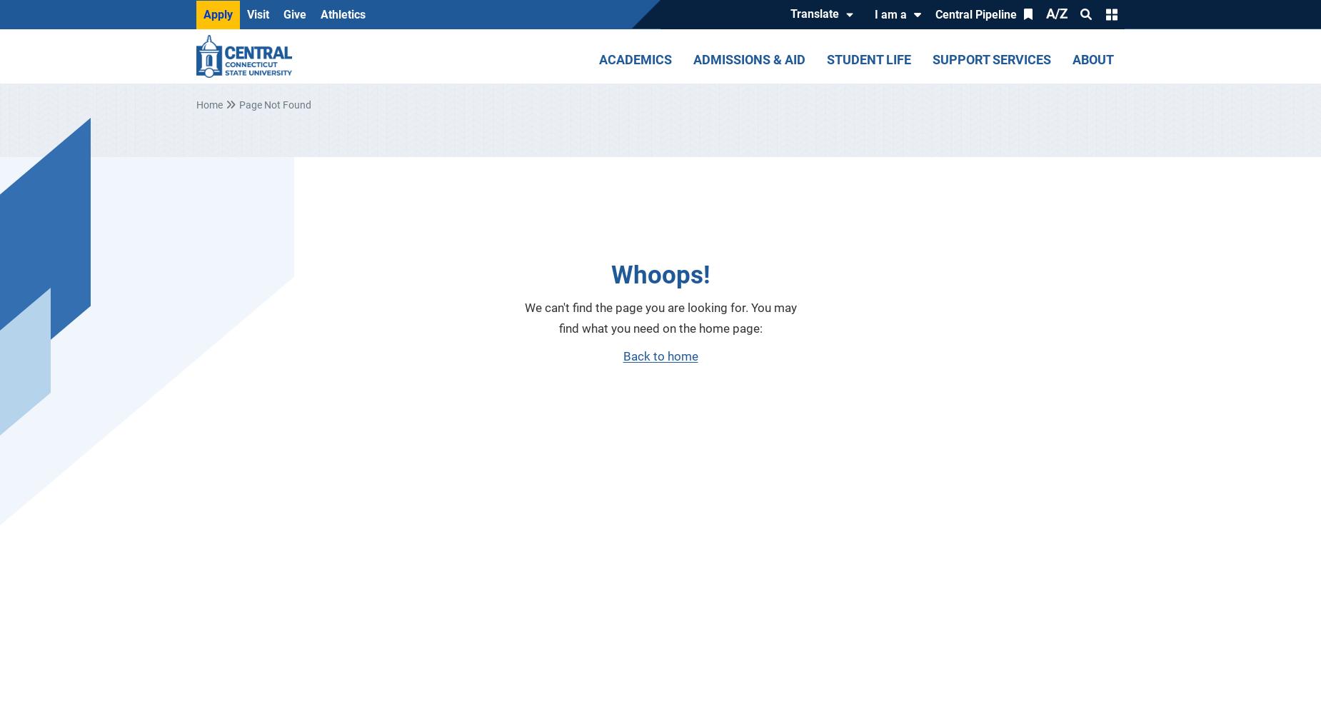 Image resolution: width=1321 pixels, height=714 pixels. What do you see at coordinates (274, 105) in the screenshot?
I see `'Page Not Found'` at bounding box center [274, 105].